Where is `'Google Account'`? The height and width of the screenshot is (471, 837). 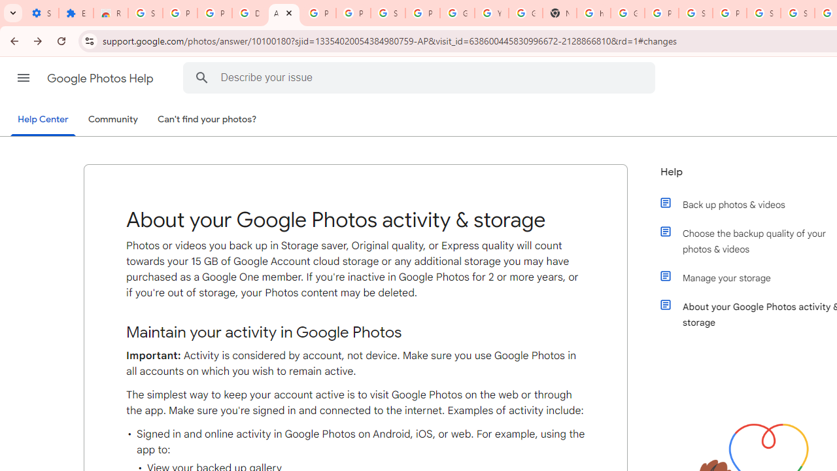 'Google Account' is located at coordinates (457, 13).